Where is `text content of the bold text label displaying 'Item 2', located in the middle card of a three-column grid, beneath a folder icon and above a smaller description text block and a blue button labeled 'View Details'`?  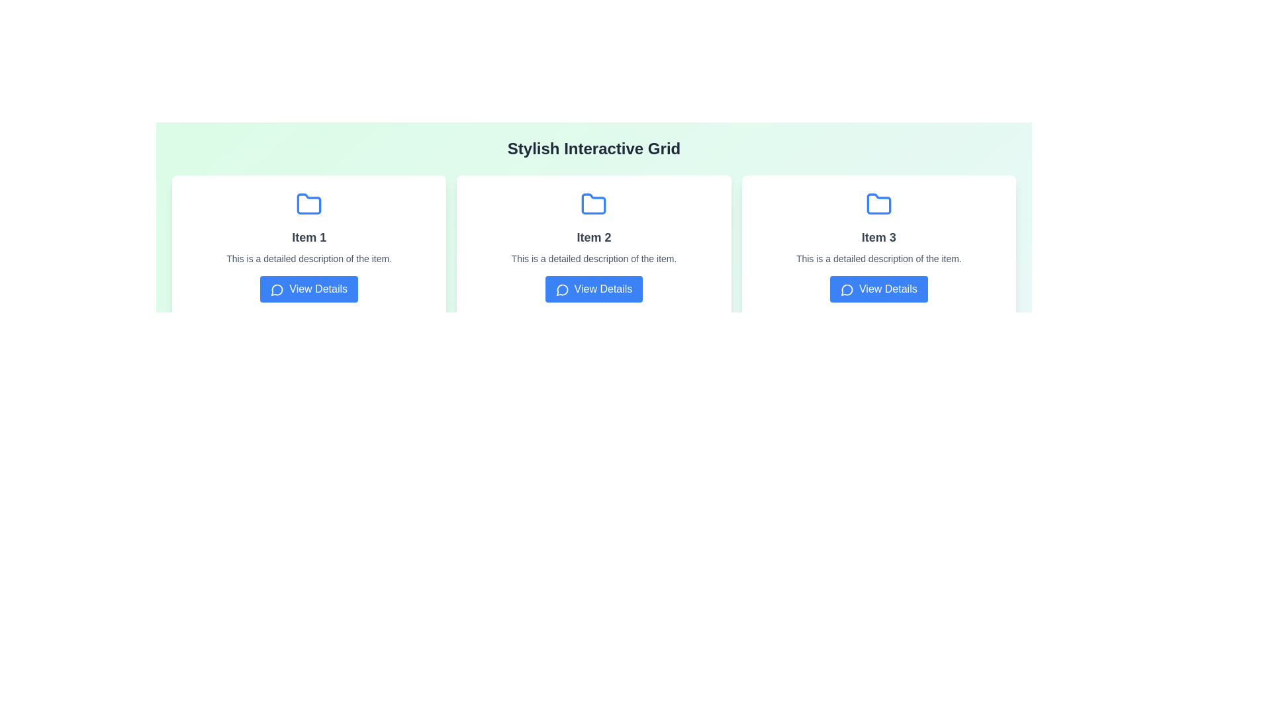 text content of the bold text label displaying 'Item 2', located in the middle card of a three-column grid, beneath a folder icon and above a smaller description text block and a blue button labeled 'View Details' is located at coordinates (593, 236).